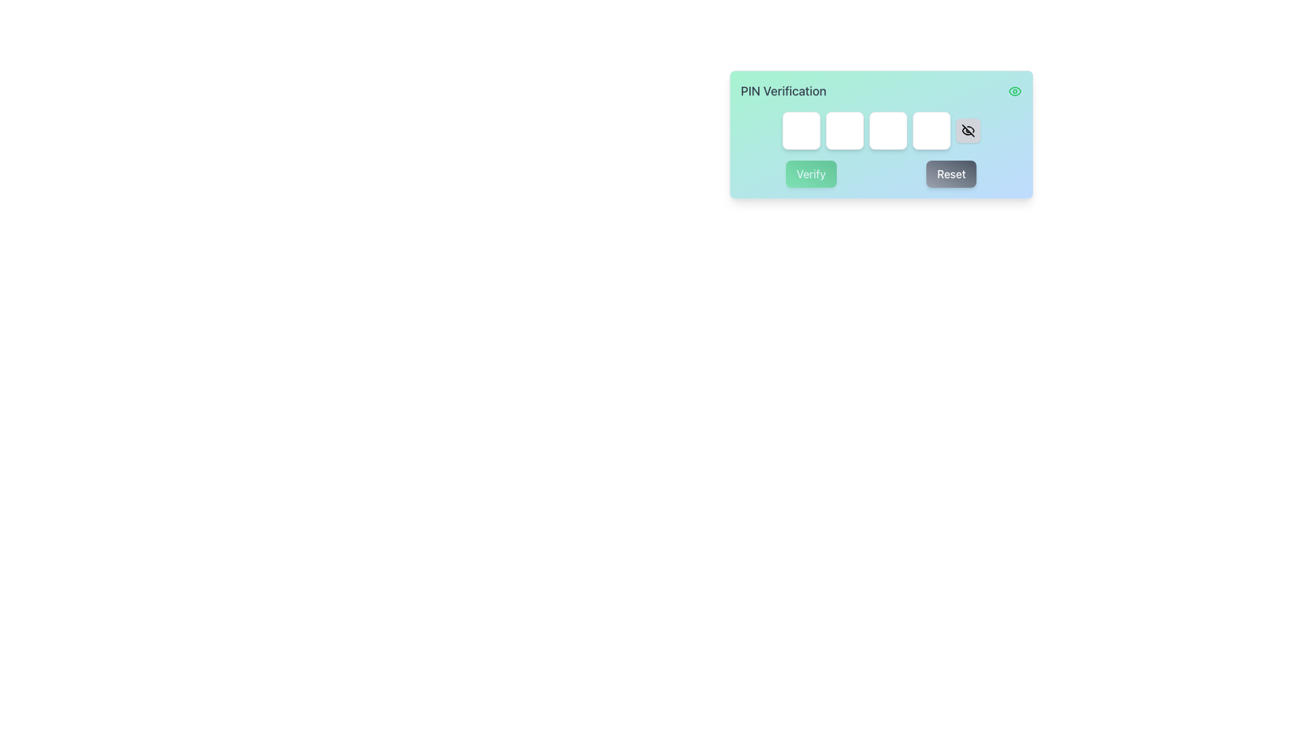  Describe the element at coordinates (811, 174) in the screenshot. I see `the 'Verify' button located at the bottom-left of the button group to validate the entered PIN` at that location.